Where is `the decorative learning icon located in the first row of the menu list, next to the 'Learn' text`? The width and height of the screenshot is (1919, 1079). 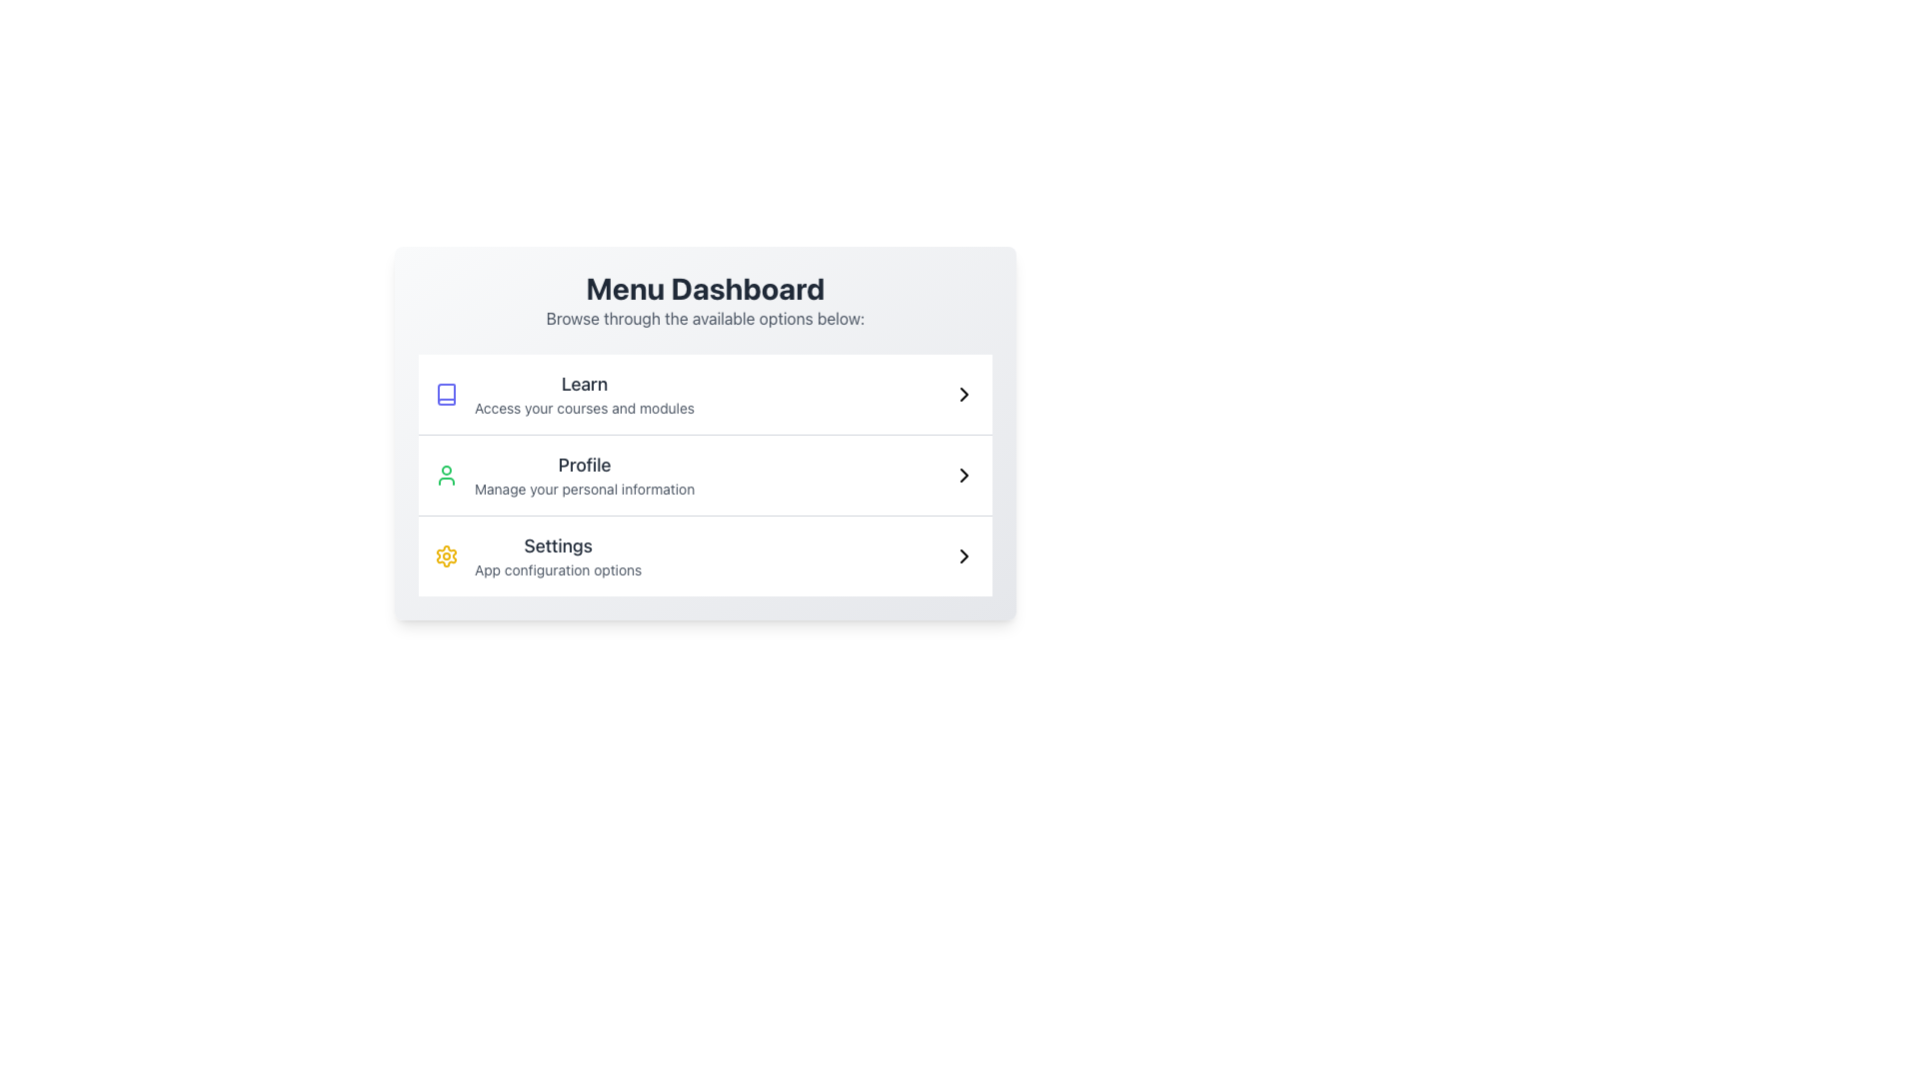
the decorative learning icon located in the first row of the menu list, next to the 'Learn' text is located at coordinates (445, 394).